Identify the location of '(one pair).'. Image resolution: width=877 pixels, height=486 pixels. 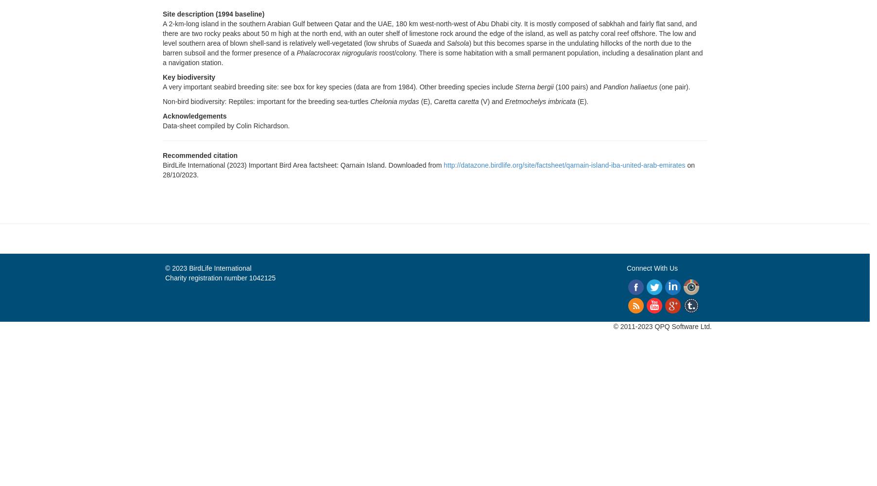
(673, 87).